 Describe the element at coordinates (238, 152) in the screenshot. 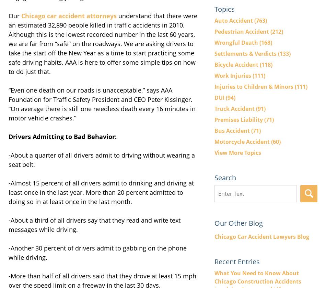

I see `'View More Topics'` at that location.